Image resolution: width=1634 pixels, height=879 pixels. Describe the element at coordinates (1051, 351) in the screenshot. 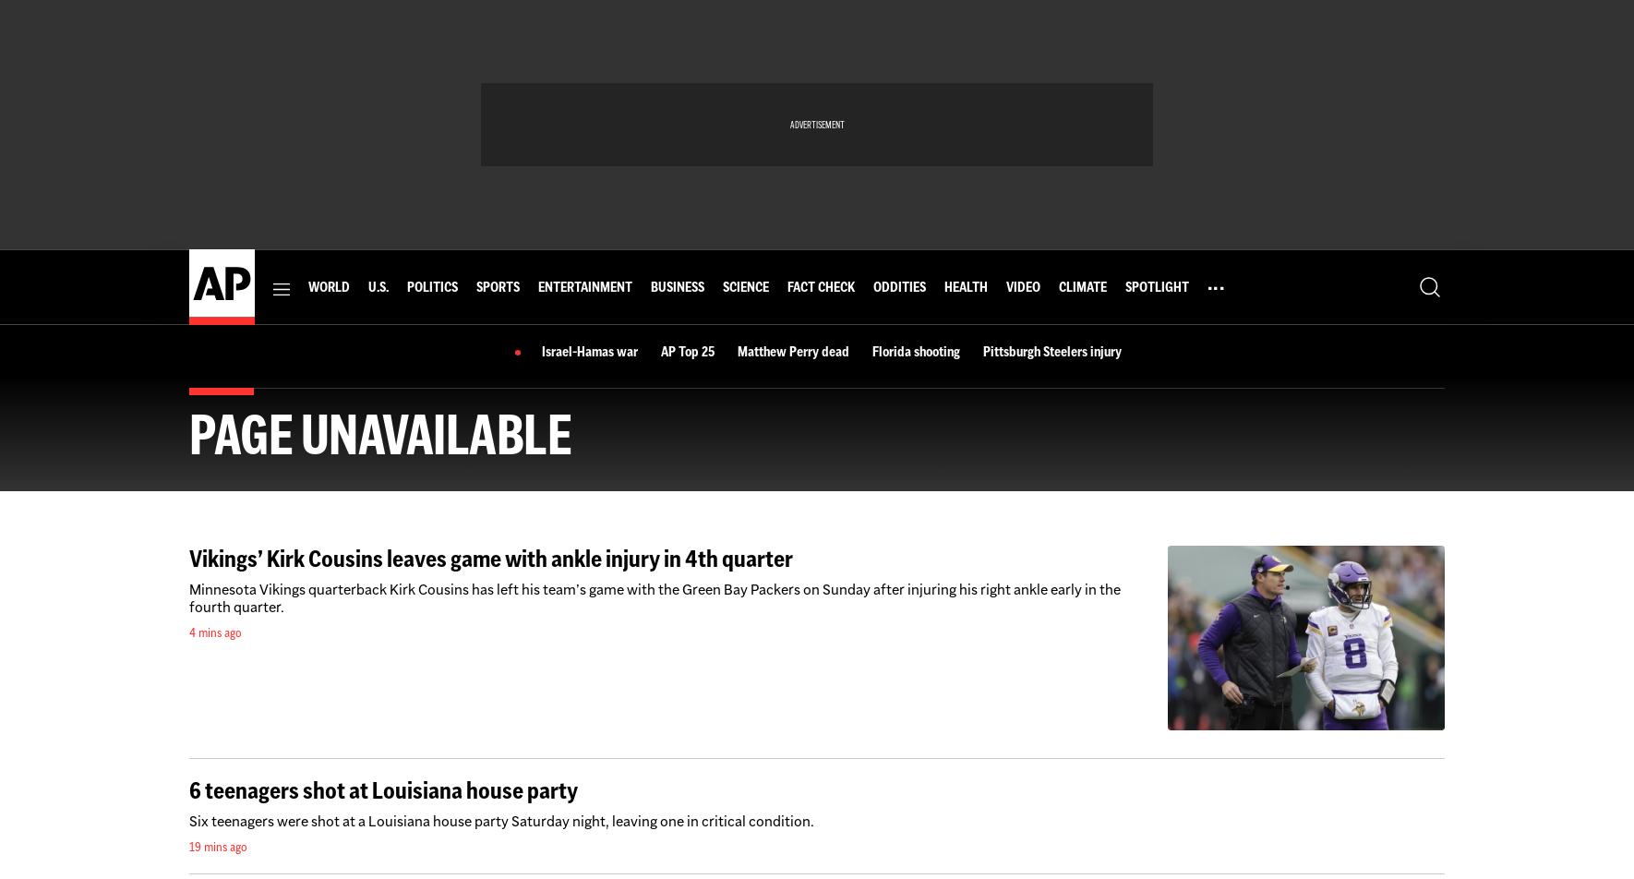

I see `'Pittsburgh Steelers injury'` at that location.